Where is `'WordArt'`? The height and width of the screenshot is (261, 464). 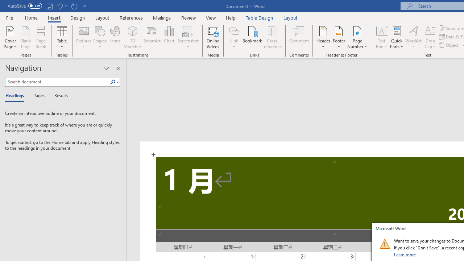
'WordArt' is located at coordinates (414, 37).